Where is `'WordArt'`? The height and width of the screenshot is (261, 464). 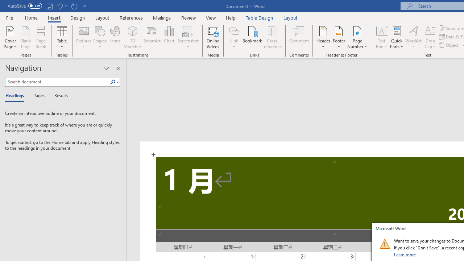
'WordArt' is located at coordinates (414, 37).